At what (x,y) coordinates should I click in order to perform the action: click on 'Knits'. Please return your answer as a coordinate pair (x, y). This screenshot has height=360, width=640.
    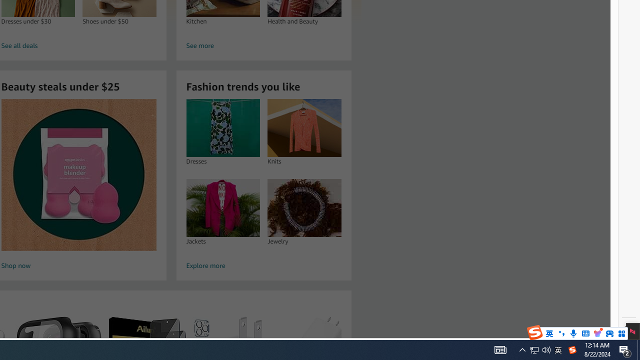
    Looking at the image, I should click on (304, 127).